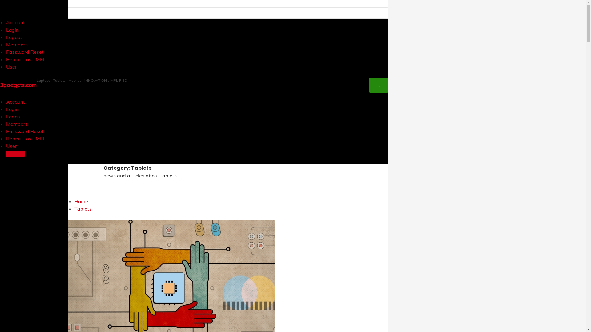 This screenshot has height=332, width=591. I want to click on 'Members', so click(6, 44).